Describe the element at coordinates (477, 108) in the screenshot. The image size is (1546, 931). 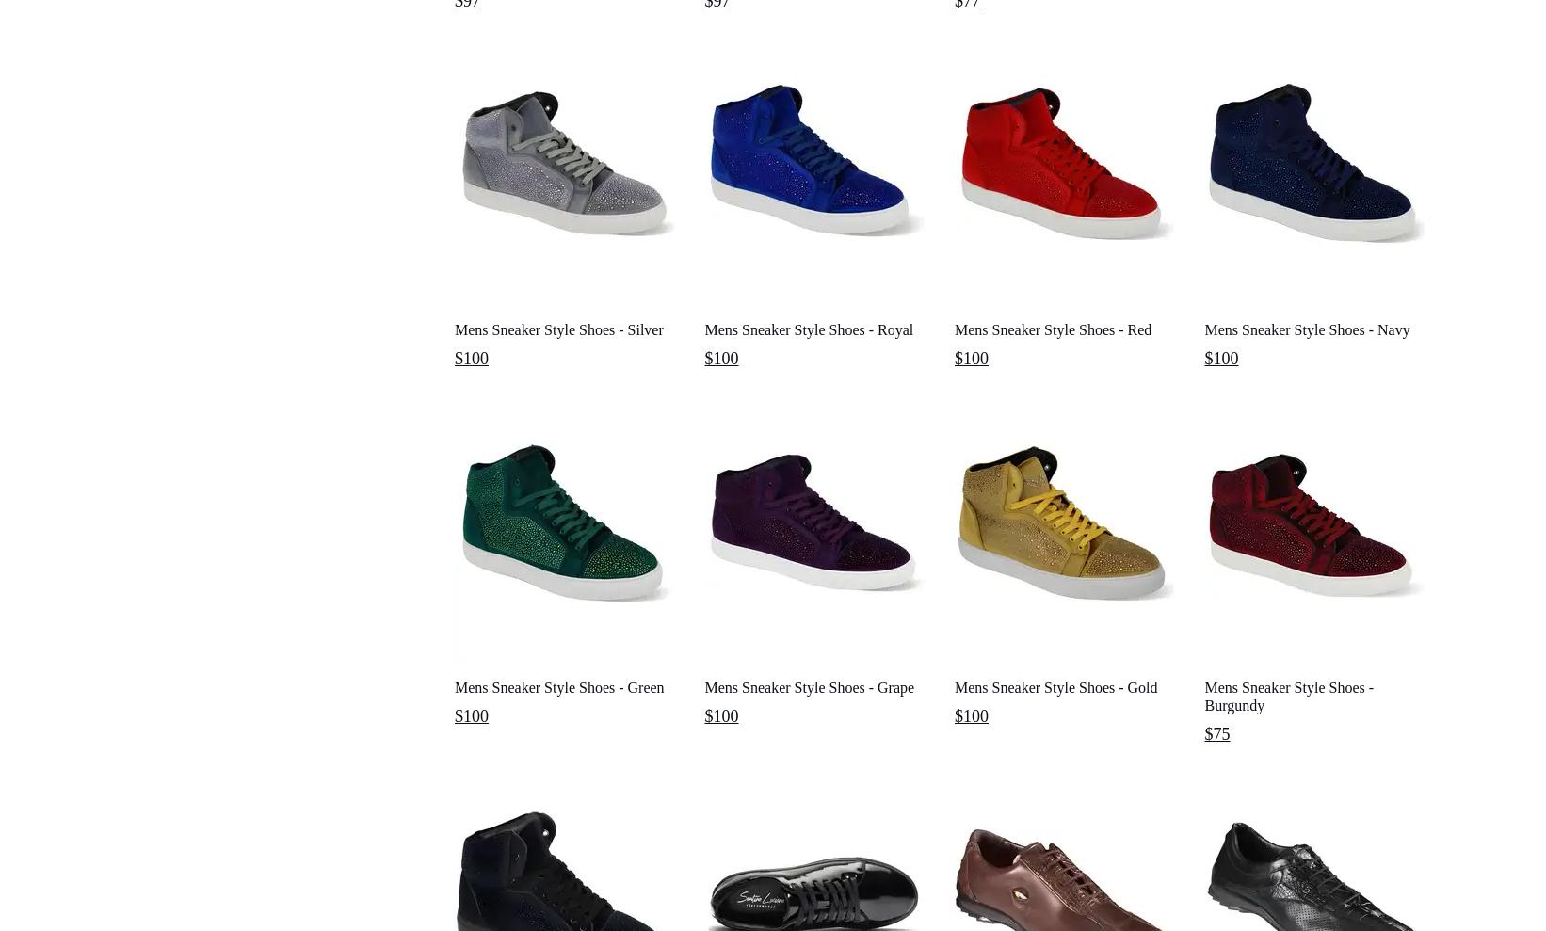
I see `'Mens Shoes'` at that location.